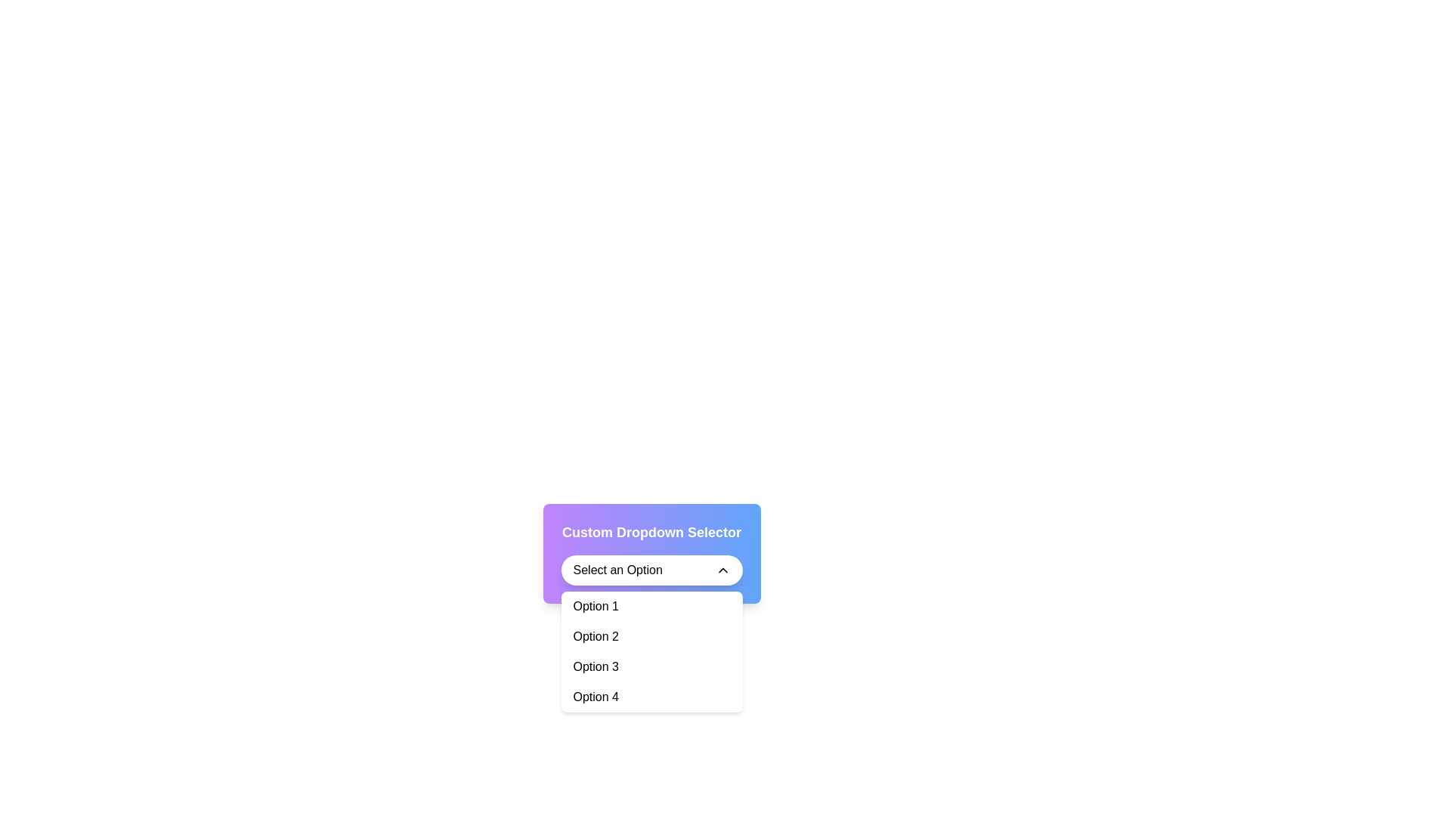 This screenshot has height=816, width=1451. What do you see at coordinates (651, 532) in the screenshot?
I see `the bold, large-sized static text label displaying 'Custom Dropdown Selector' that is set in white text against a gradient background transitioning from purple to blue, located above the dropdown menu` at bounding box center [651, 532].